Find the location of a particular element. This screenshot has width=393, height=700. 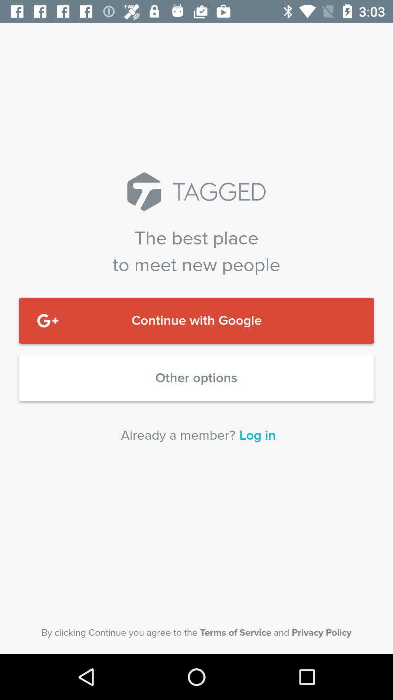

the by clicking continue item is located at coordinates (196, 632).